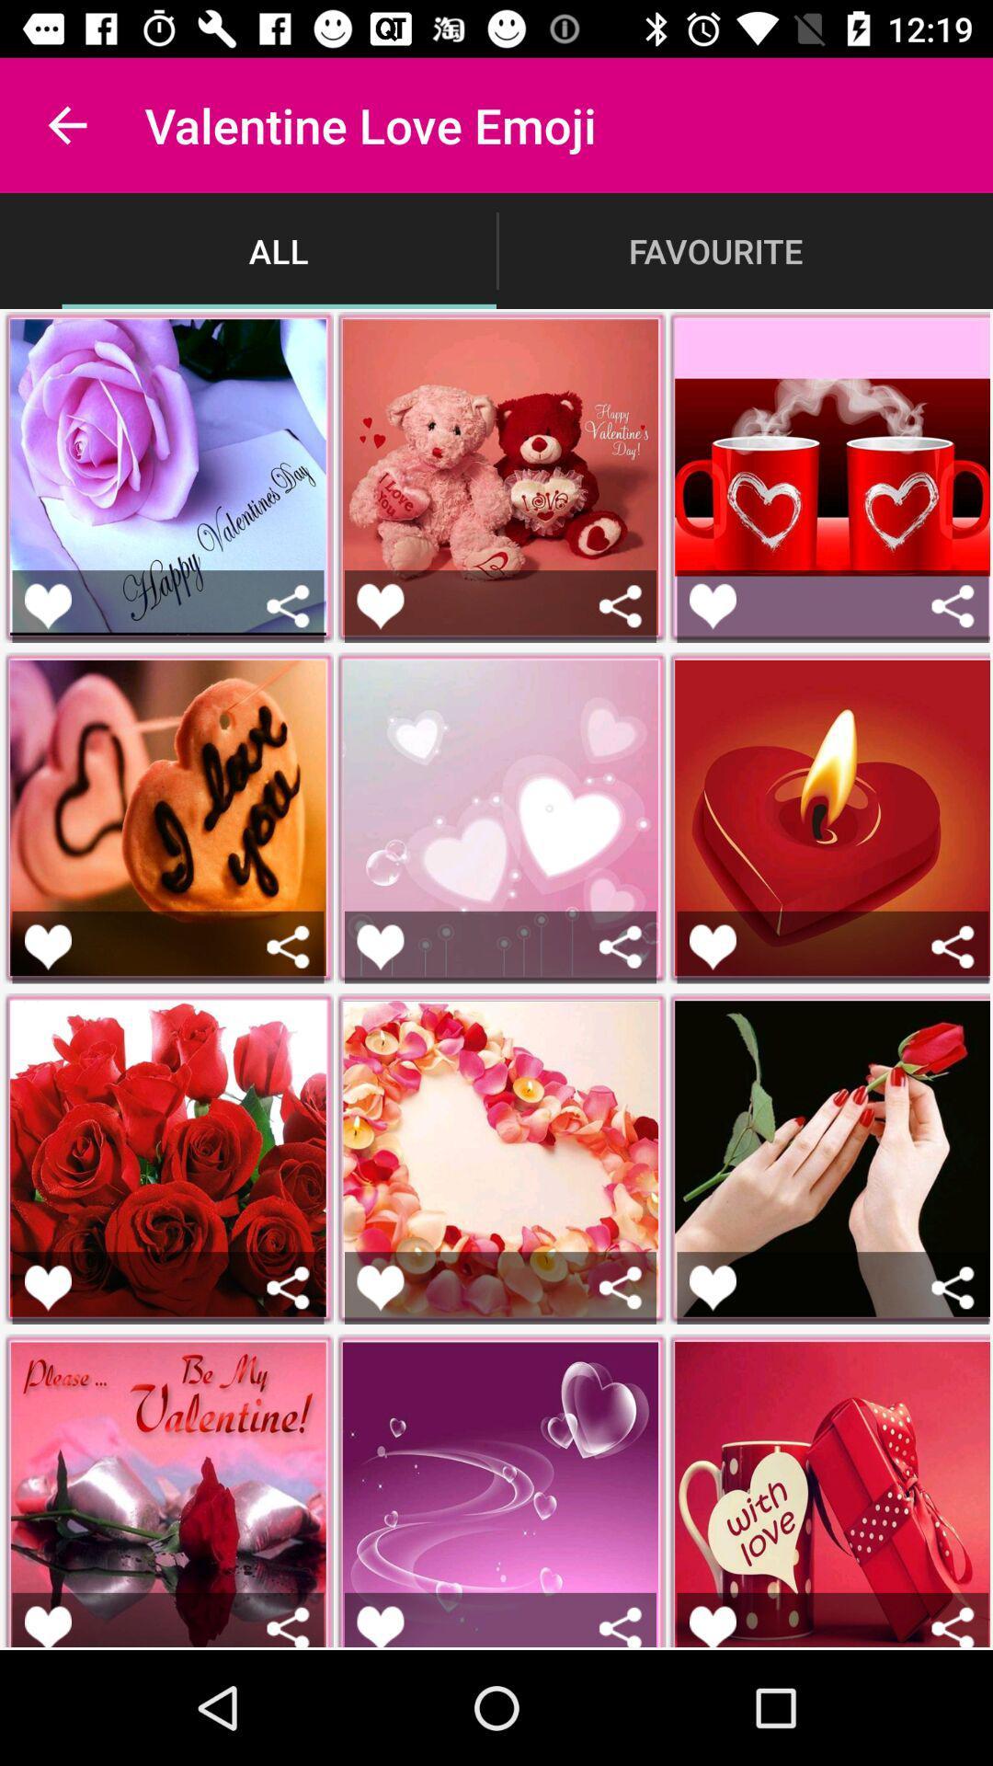 The height and width of the screenshot is (1766, 993). Describe the element at coordinates (379, 1626) in the screenshot. I see `favorite` at that location.